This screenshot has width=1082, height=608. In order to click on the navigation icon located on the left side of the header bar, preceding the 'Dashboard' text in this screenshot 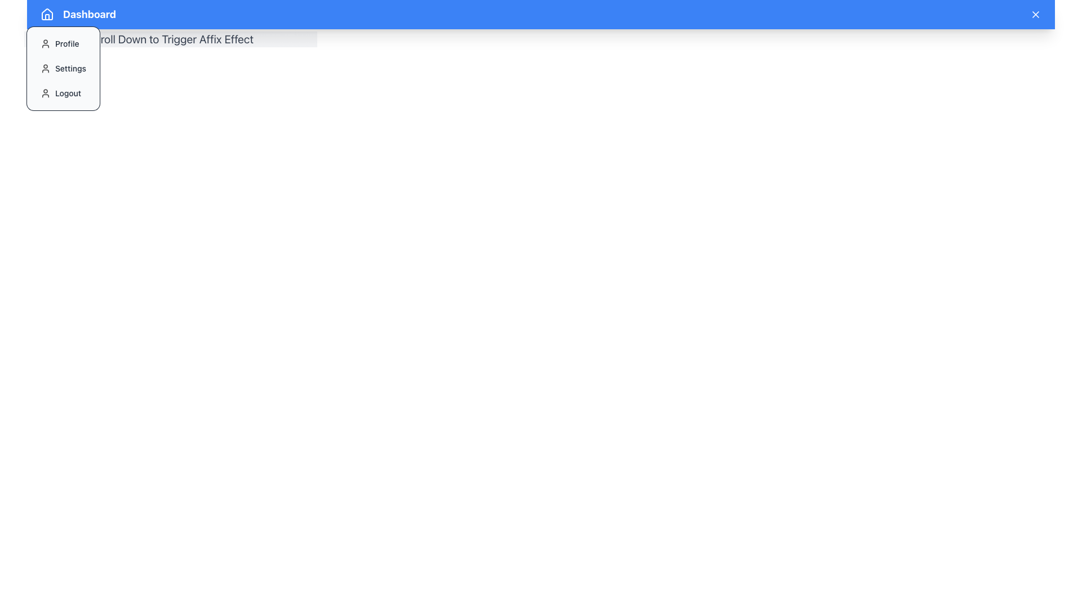, I will do `click(46, 15)`.